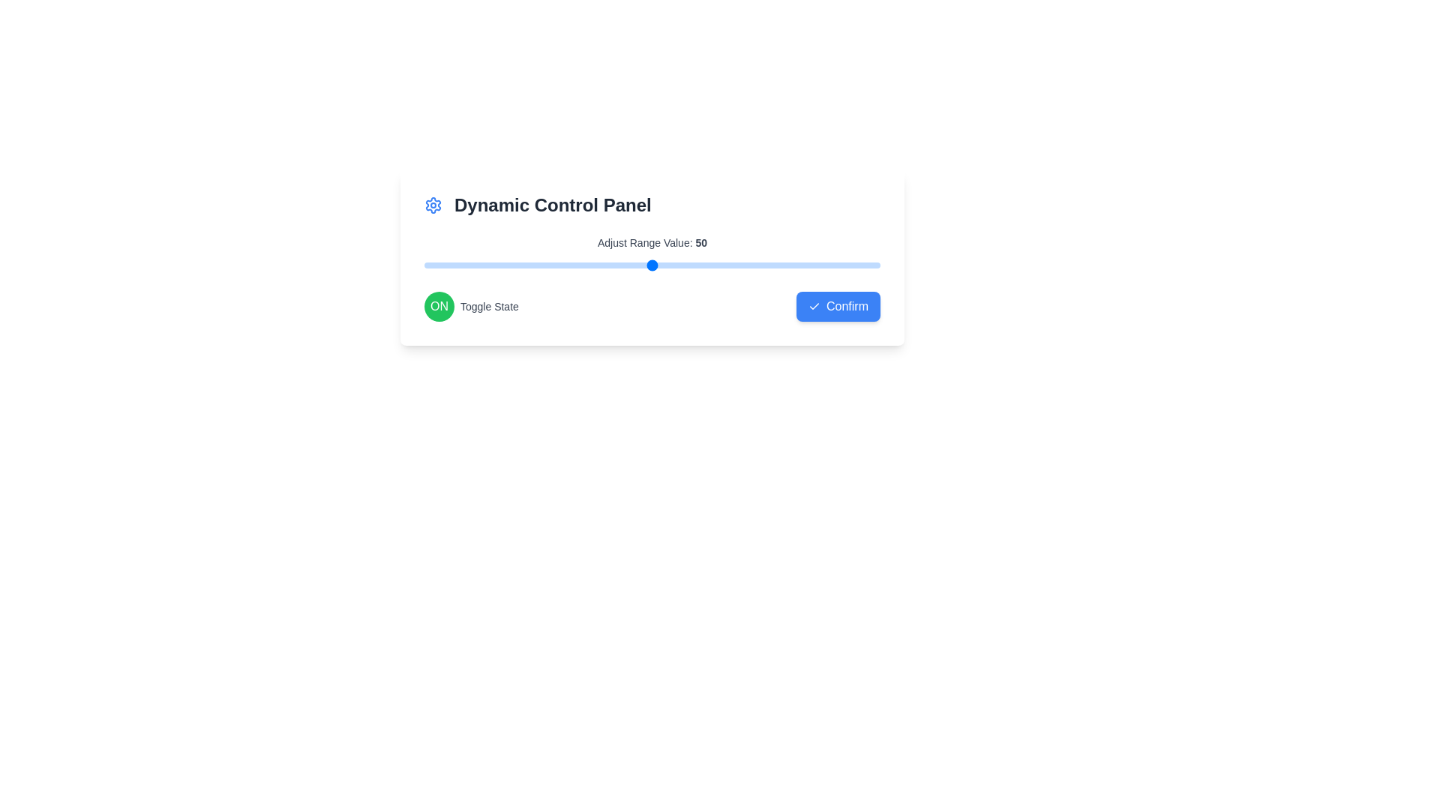 This screenshot has height=810, width=1440. I want to click on the slider value, so click(697, 265).